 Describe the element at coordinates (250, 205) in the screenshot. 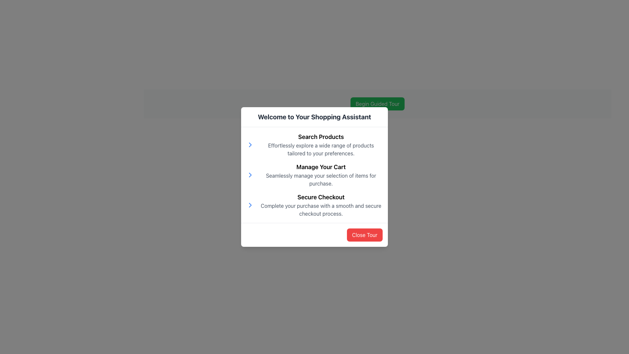

I see `the third chevron icon located to the right of the 'Secure Checkout' text` at that location.